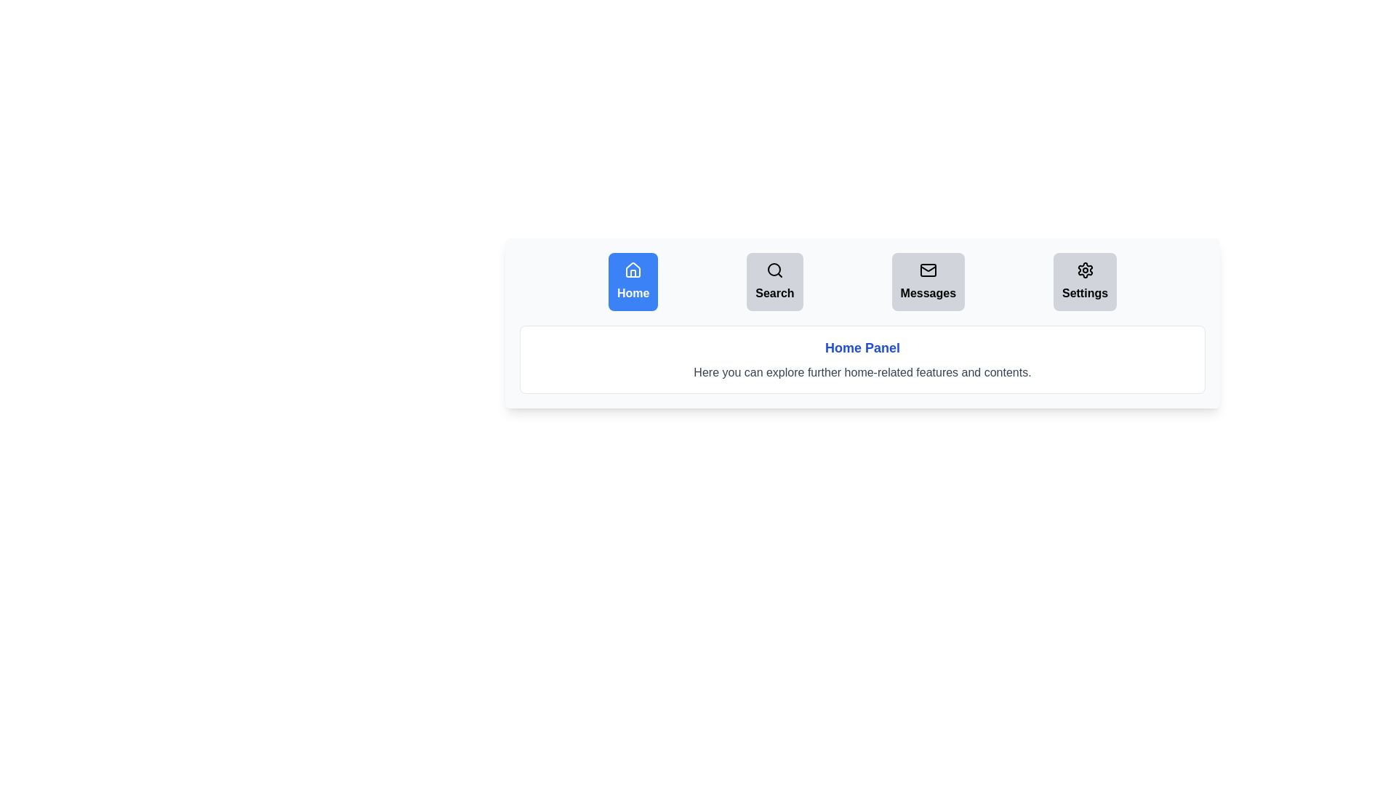 The width and height of the screenshot is (1396, 785). Describe the element at coordinates (927, 270) in the screenshot. I see `the 'Messages' button, which is the third button from the left in a horizontal row of four buttons at the top of the interface` at that location.